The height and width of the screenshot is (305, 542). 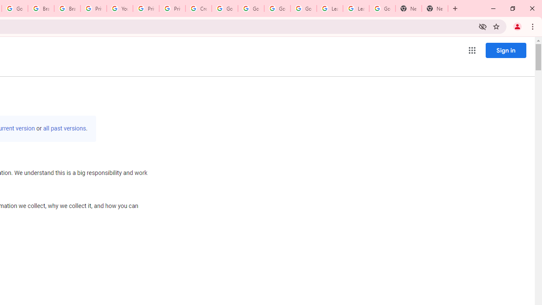 What do you see at coordinates (482, 26) in the screenshot?
I see `'Third-party cookies blocked'` at bounding box center [482, 26].